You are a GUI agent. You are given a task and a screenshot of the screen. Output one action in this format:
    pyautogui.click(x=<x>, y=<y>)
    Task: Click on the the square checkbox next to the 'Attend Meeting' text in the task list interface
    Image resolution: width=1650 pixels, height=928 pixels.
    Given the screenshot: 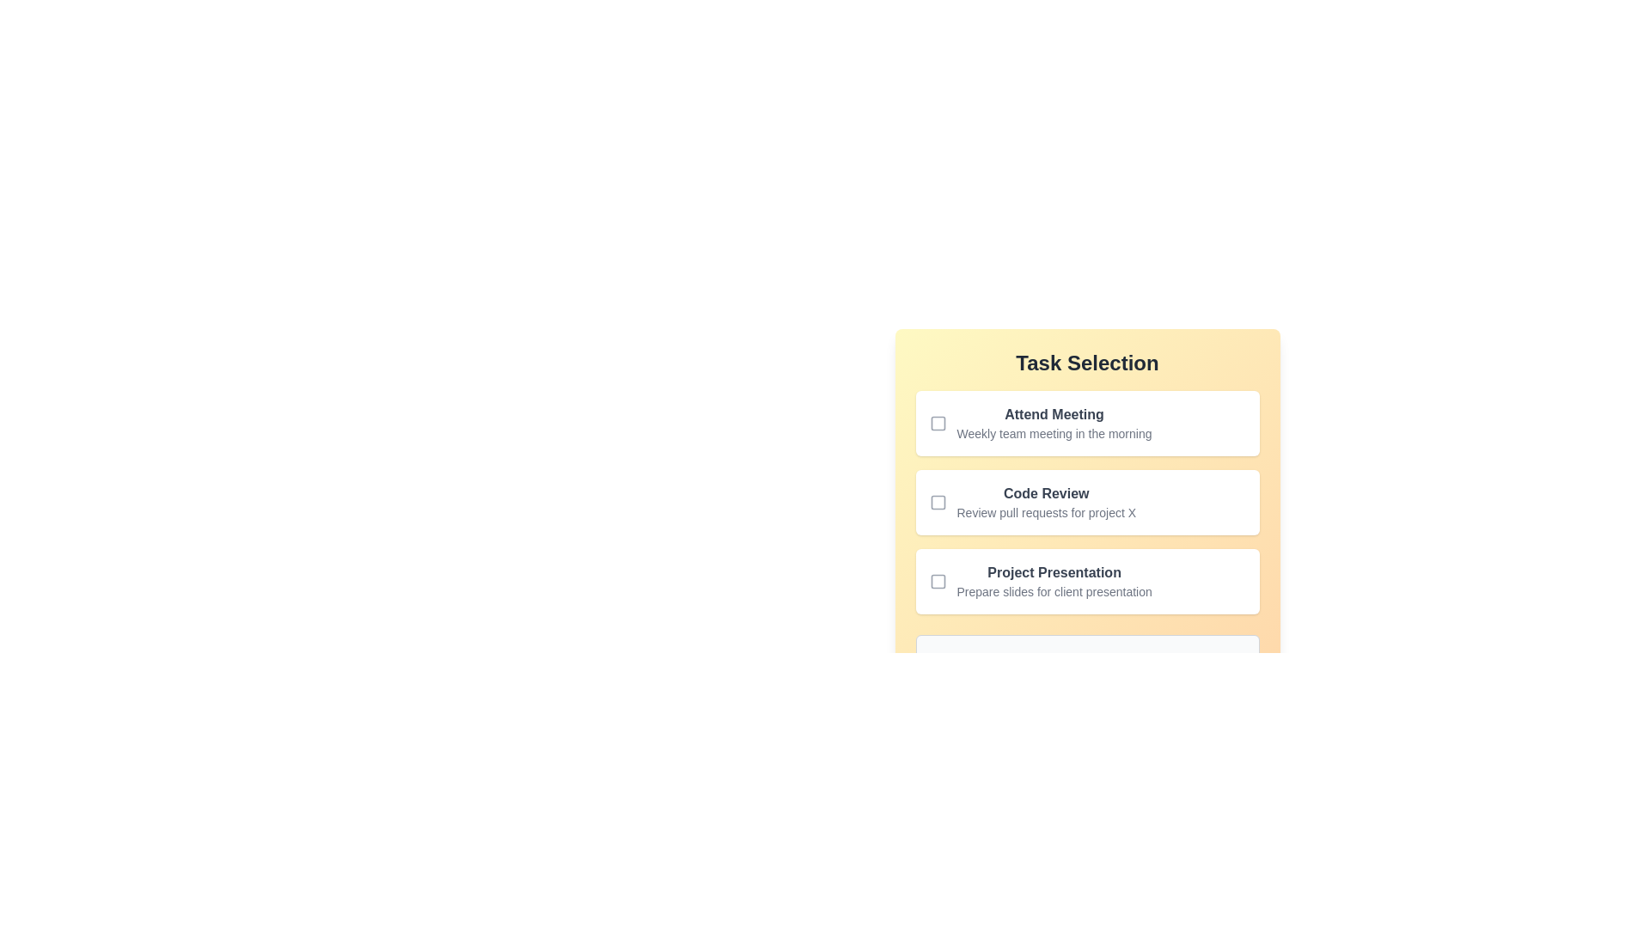 What is the action you would take?
    pyautogui.click(x=937, y=424)
    